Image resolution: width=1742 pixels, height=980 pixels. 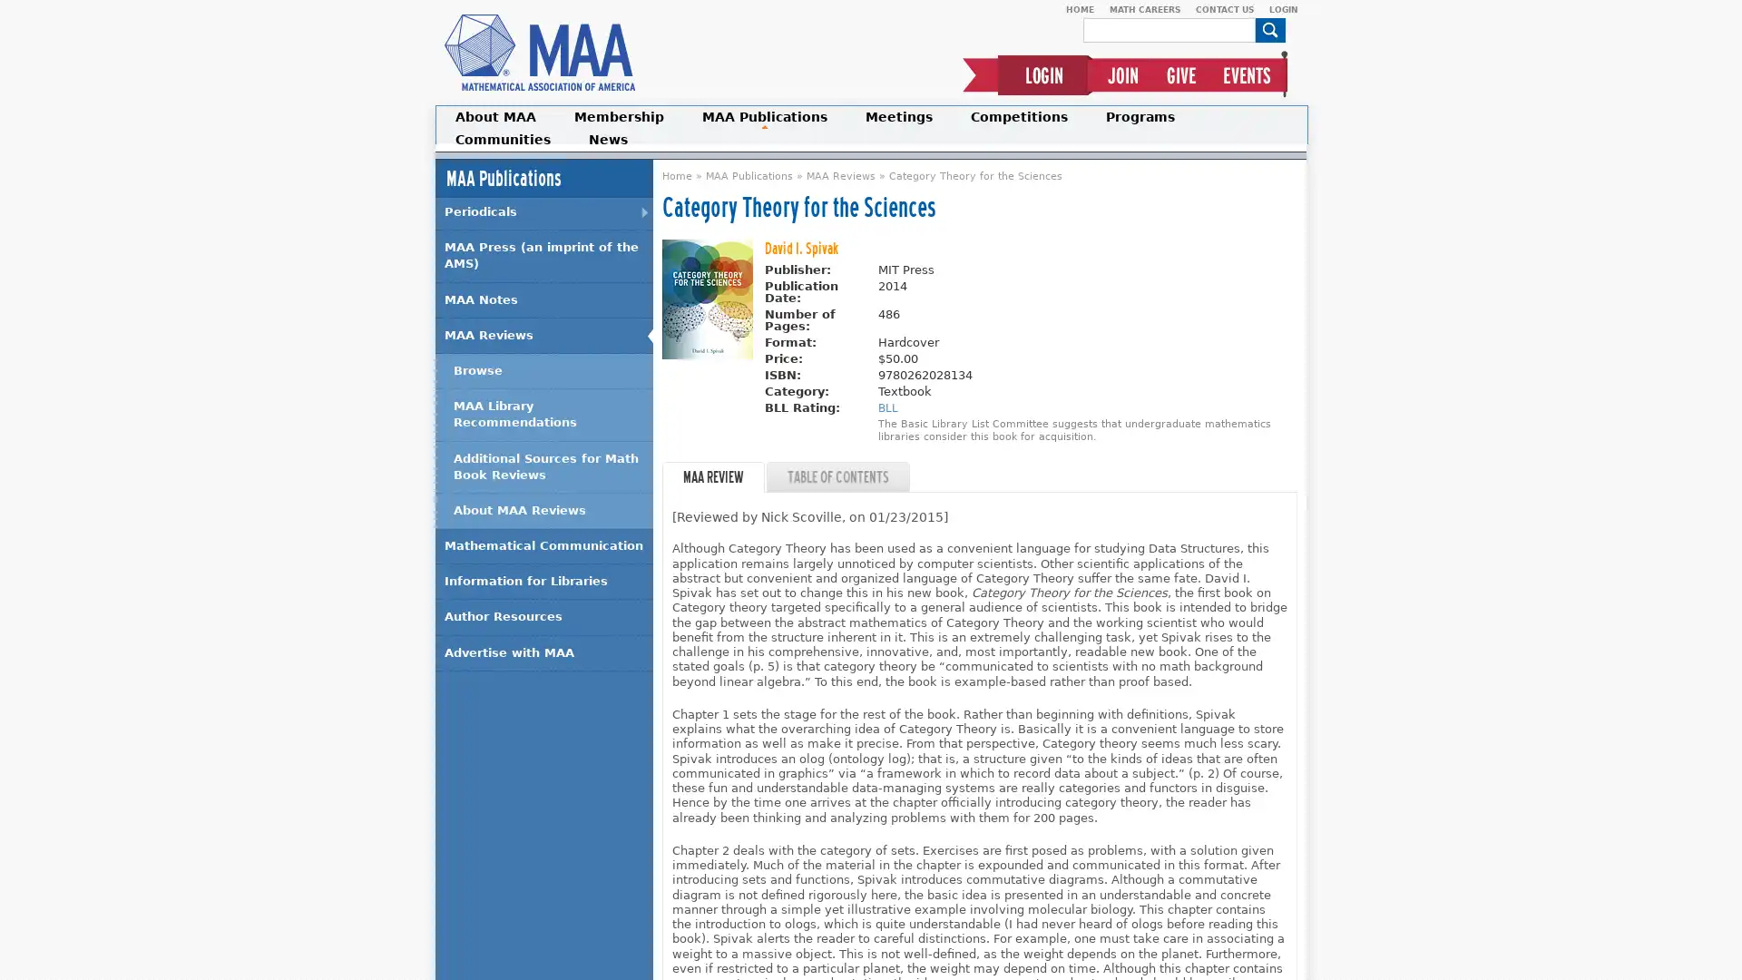 I want to click on Search, so click(x=1269, y=29).